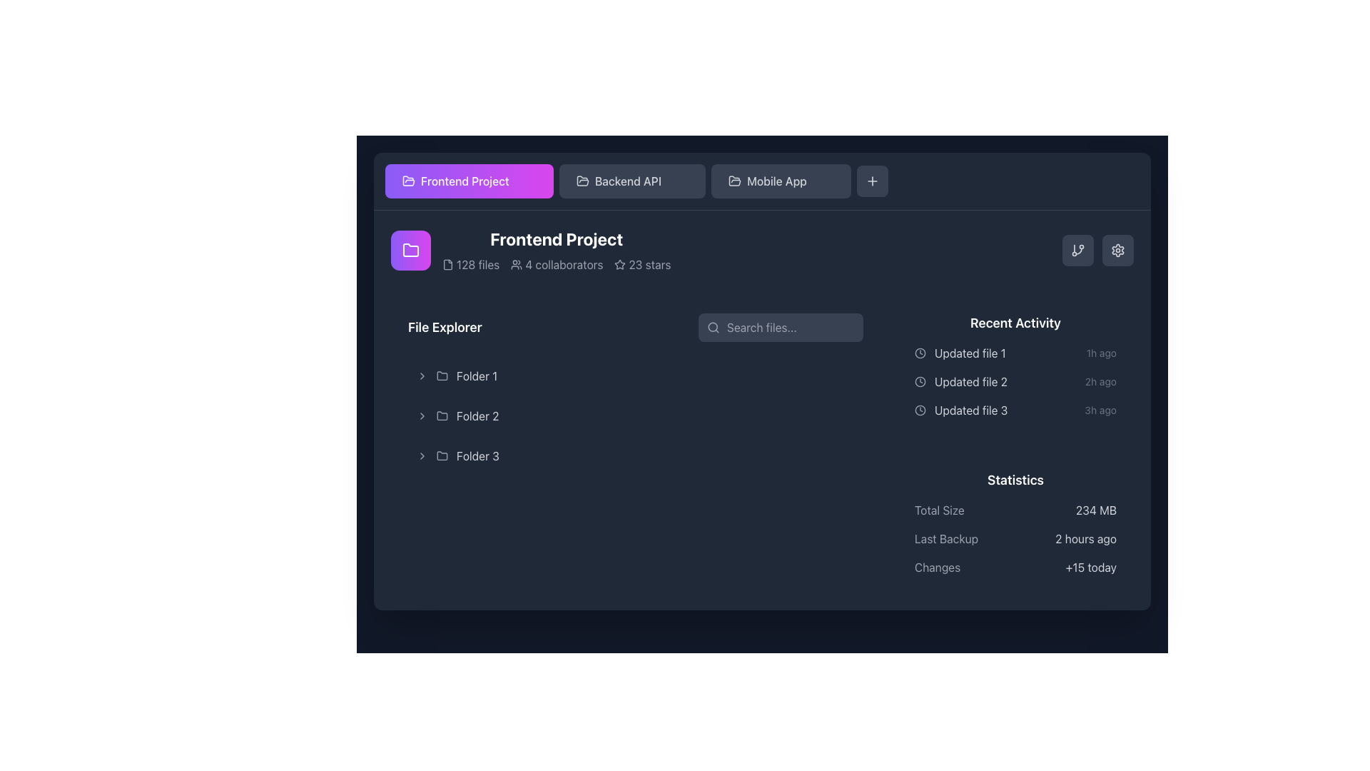 This screenshot has width=1370, height=771. Describe the element at coordinates (1015, 323) in the screenshot. I see `the 'Recent Activity' text label that displays the heading in large, bold, white font against a dark background` at that location.